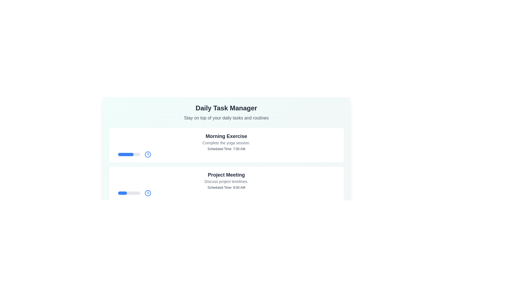  Describe the element at coordinates (226, 141) in the screenshot. I see `the top card in the task management application, which displays the name, details, and time of a scheduled activity, located immediately below the 'Daily Task Manager' header` at that location.